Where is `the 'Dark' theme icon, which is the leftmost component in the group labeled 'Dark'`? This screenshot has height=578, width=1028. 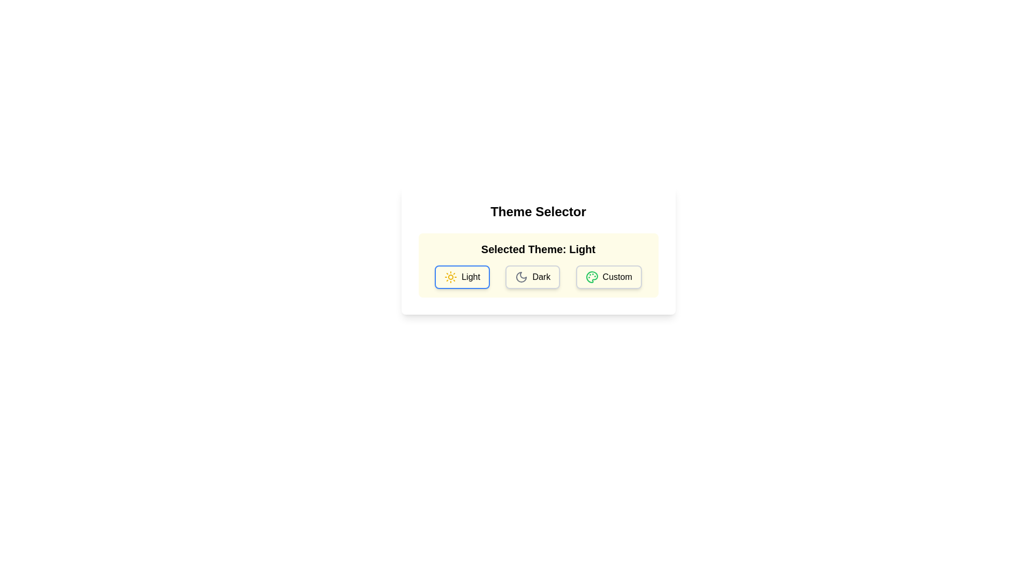 the 'Dark' theme icon, which is the leftmost component in the group labeled 'Dark' is located at coordinates (521, 276).